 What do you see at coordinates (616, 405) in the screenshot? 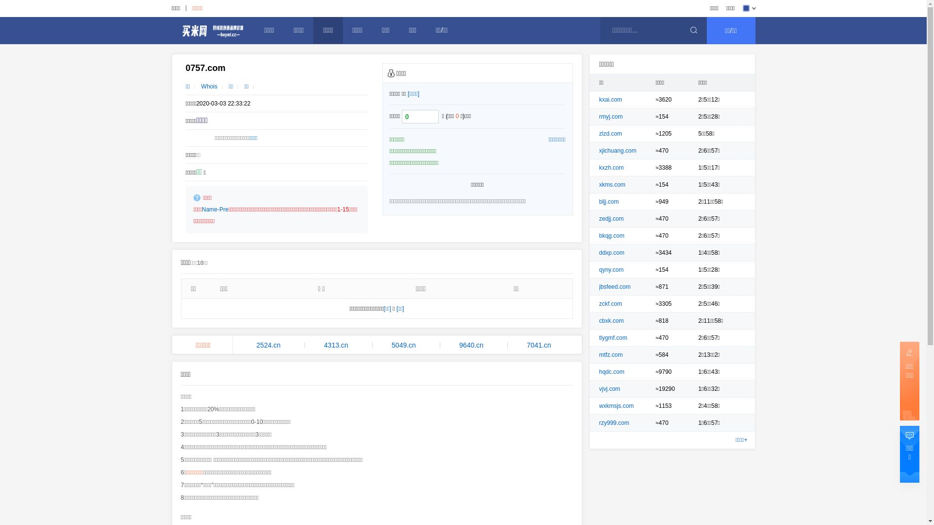
I see `'wxkmsjs.com'` at bounding box center [616, 405].